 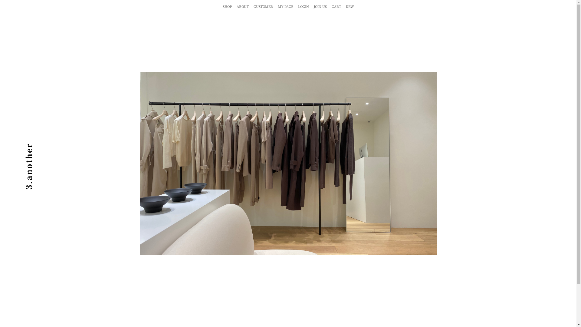 I want to click on 'CUSTOMER', so click(x=263, y=7).